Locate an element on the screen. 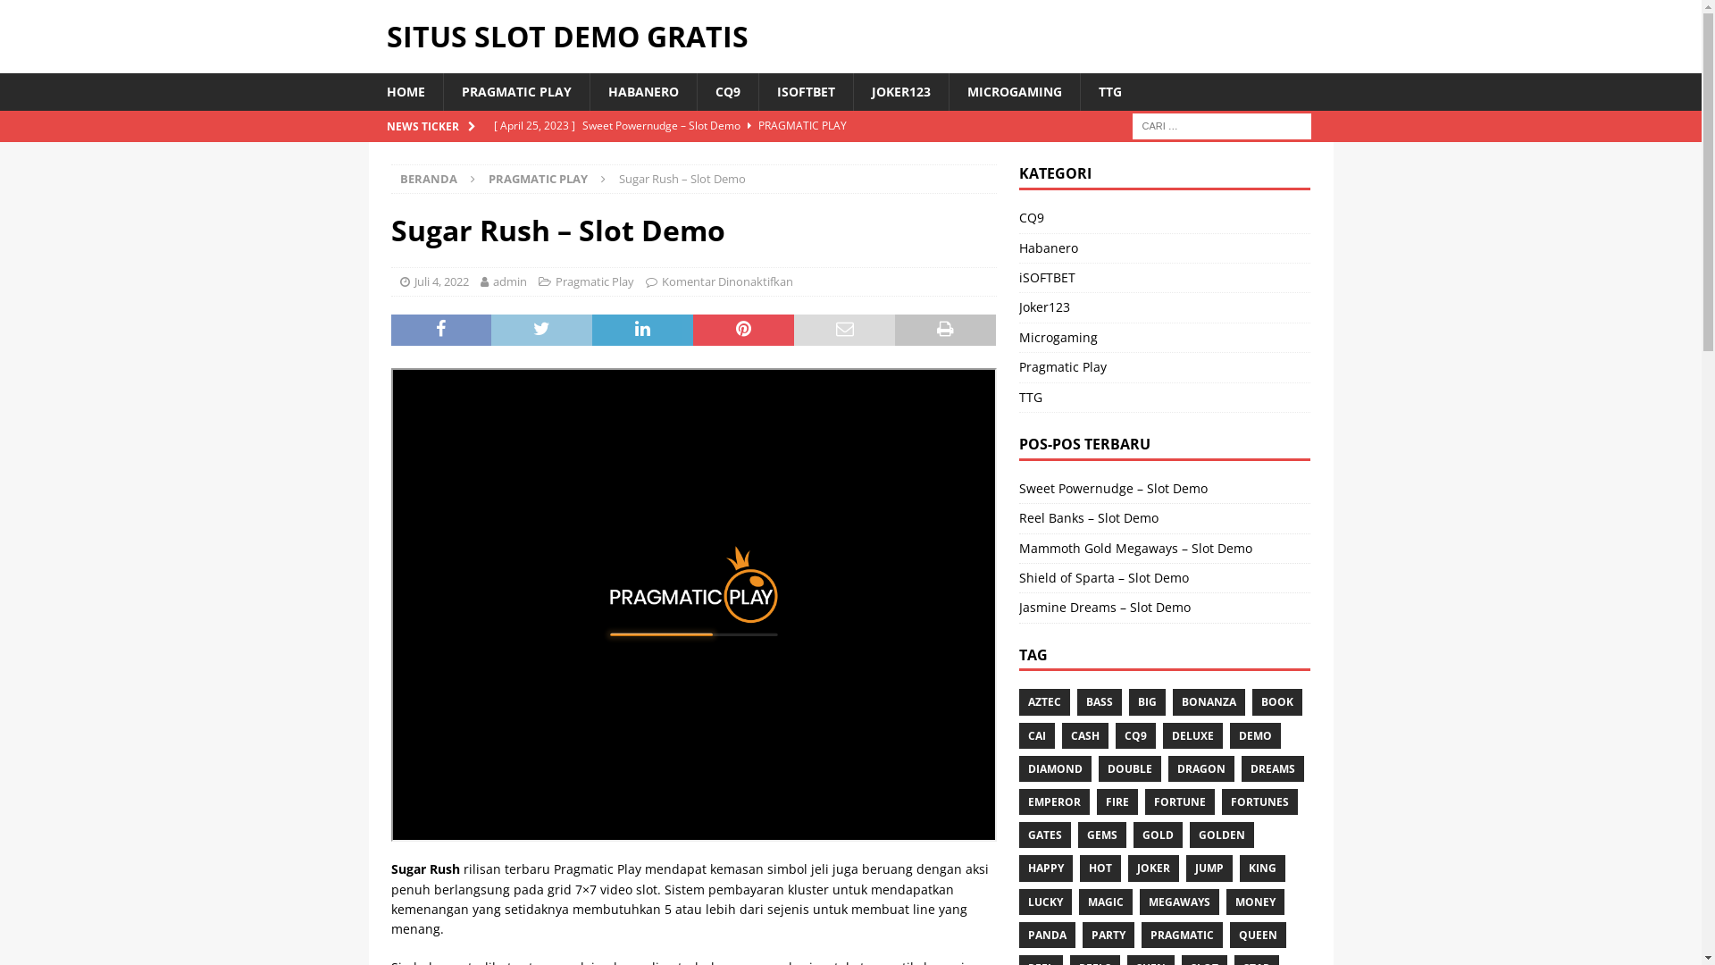 The height and width of the screenshot is (965, 1715). 'JOKER' is located at coordinates (1153, 867).